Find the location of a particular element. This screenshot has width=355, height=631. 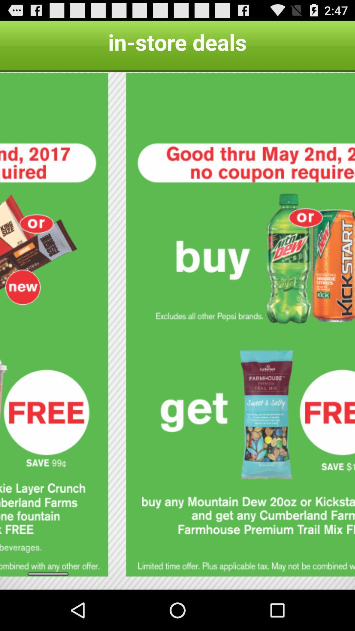

icon below the in-store deals icon is located at coordinates (241, 324).